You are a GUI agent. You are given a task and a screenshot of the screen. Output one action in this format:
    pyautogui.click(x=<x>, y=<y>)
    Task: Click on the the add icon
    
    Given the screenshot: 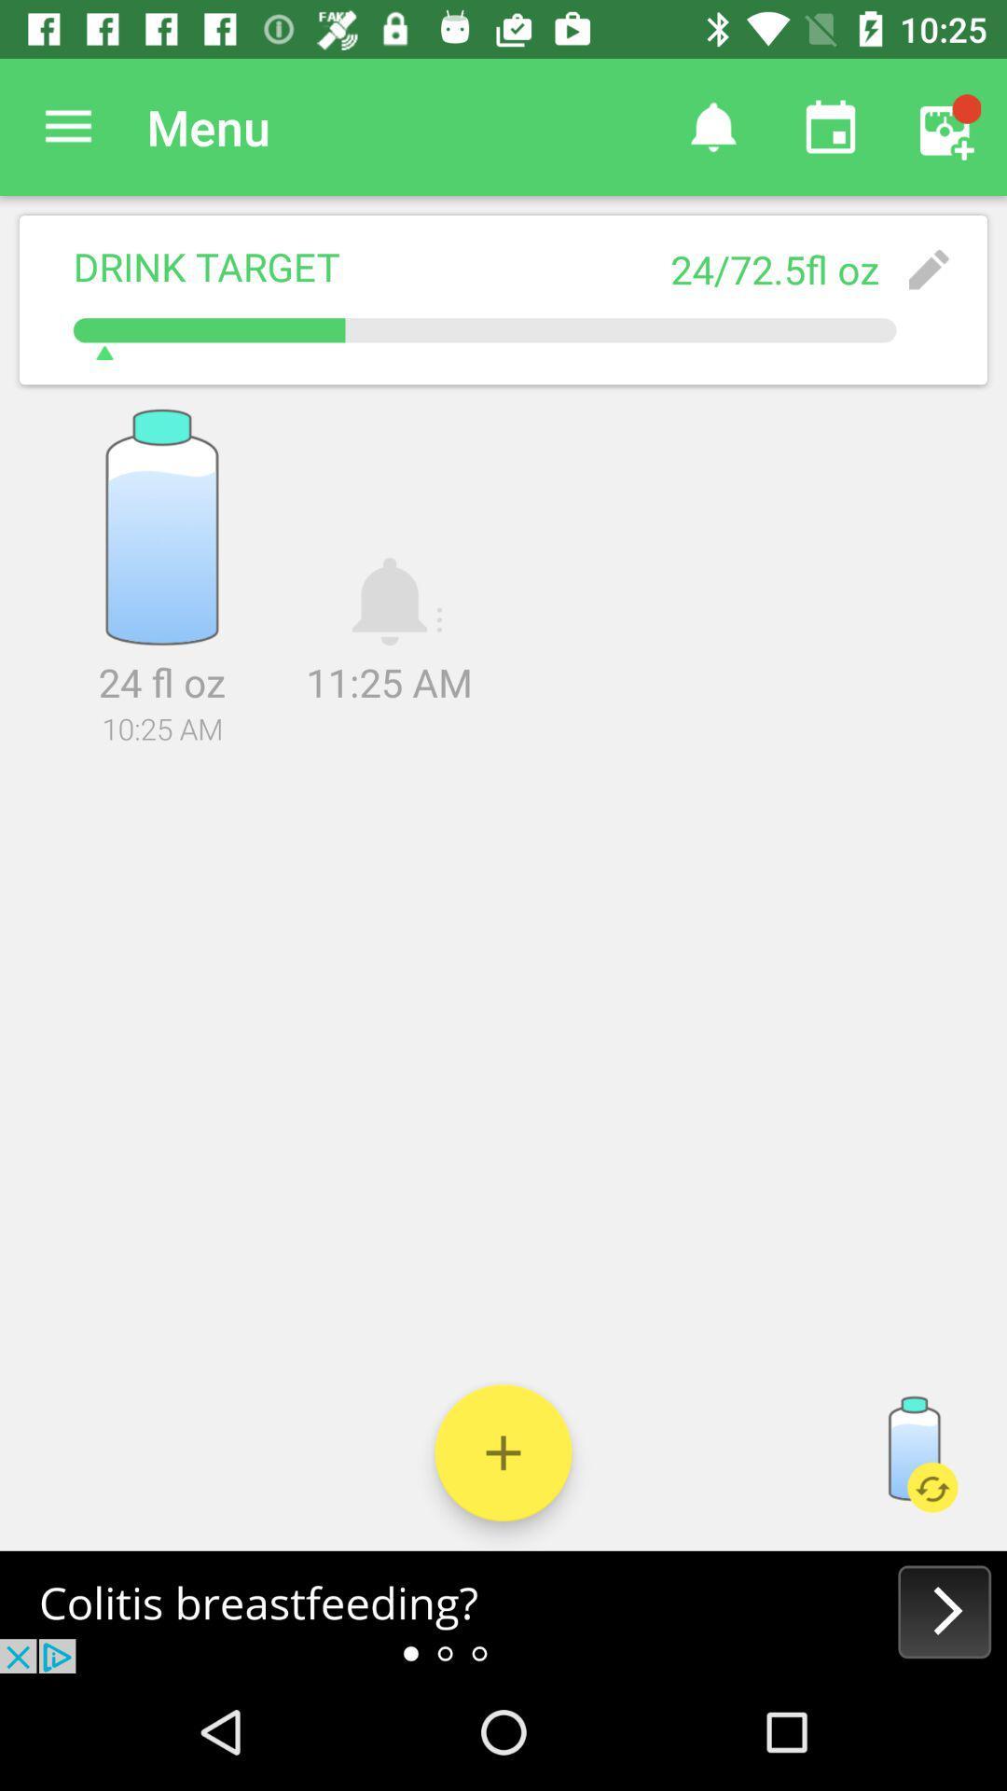 What is the action you would take?
    pyautogui.click(x=504, y=1451)
    